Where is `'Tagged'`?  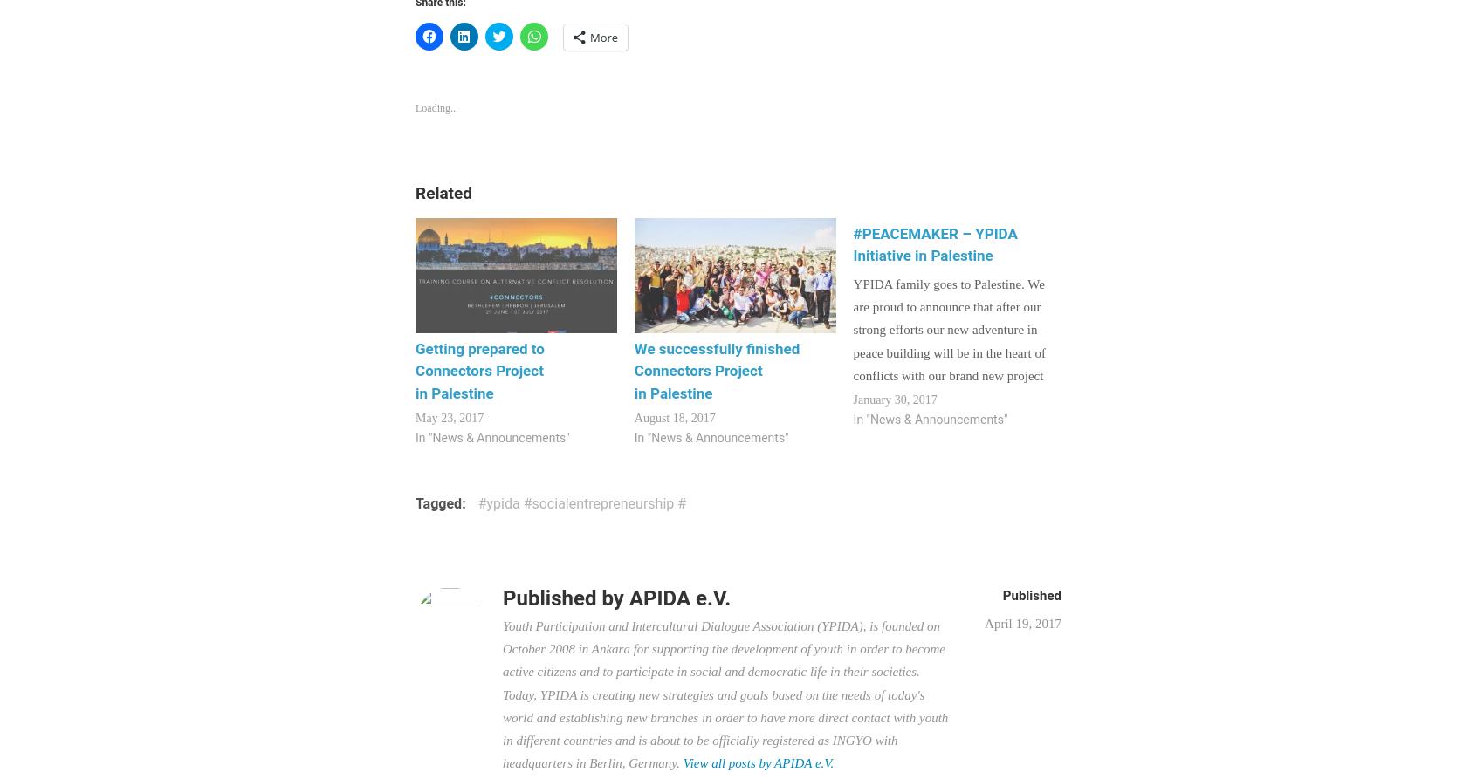 'Tagged' is located at coordinates (438, 502).